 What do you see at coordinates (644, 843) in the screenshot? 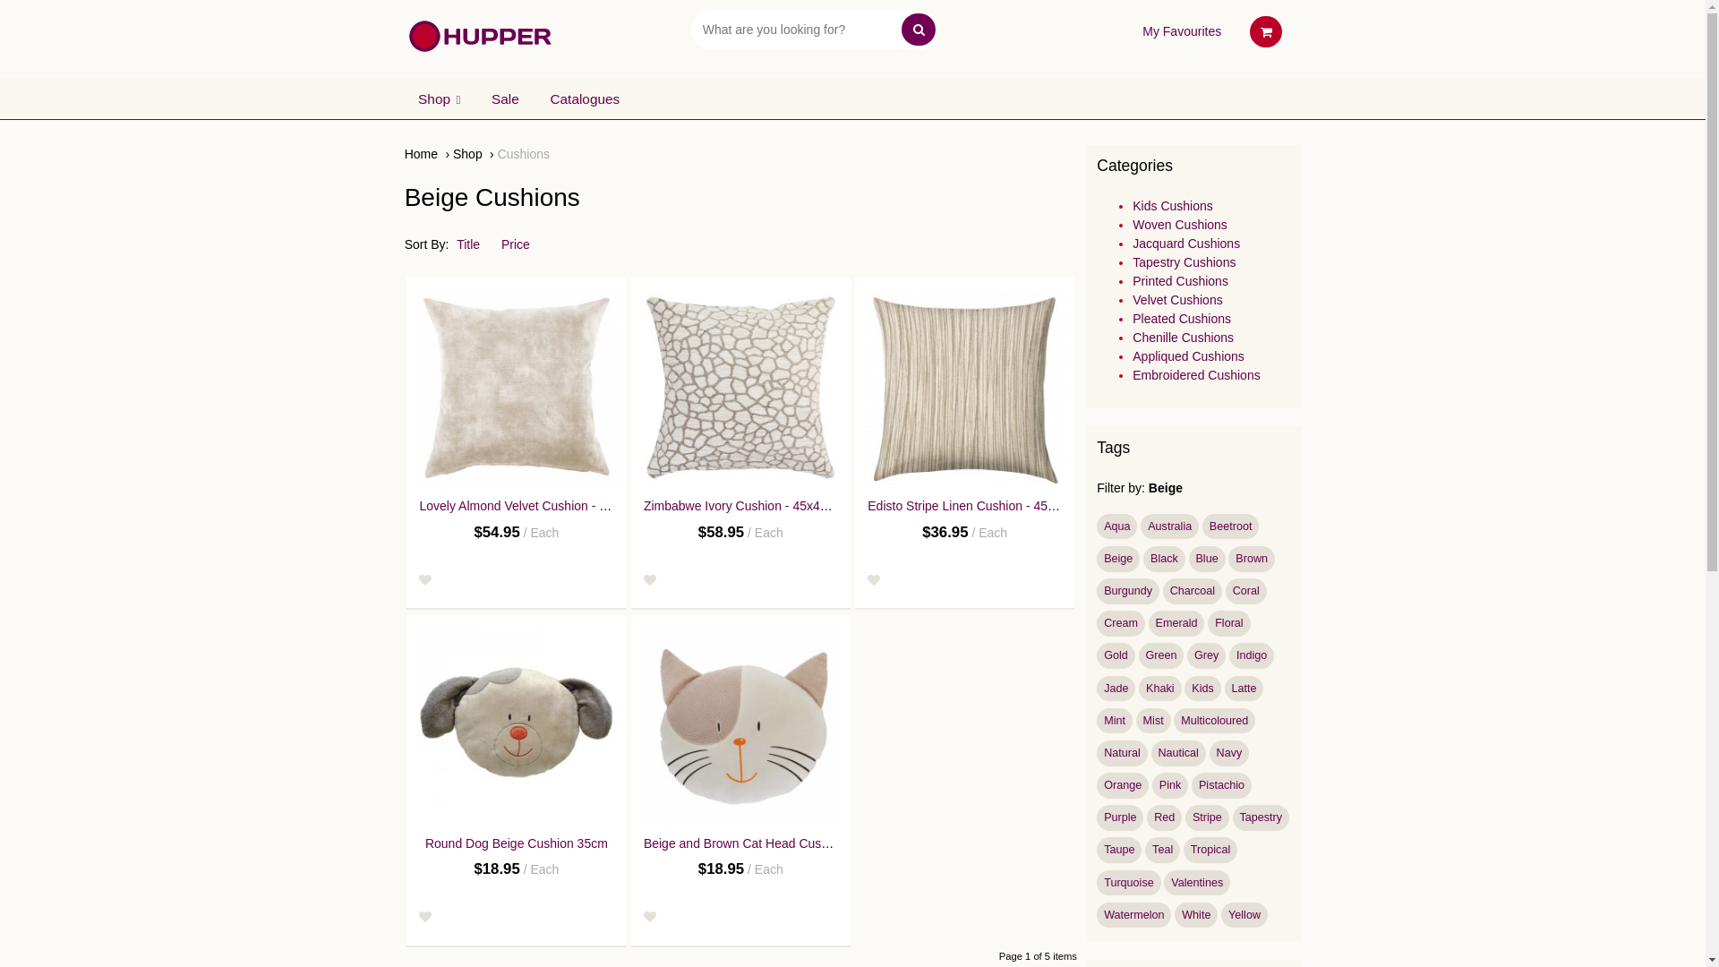
I see `'Beige and Brown Cat Head Cushion 35cm'` at bounding box center [644, 843].